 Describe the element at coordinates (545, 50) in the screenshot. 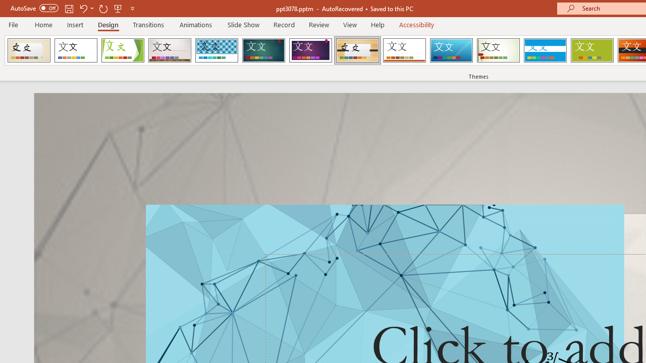

I see `'Banded'` at that location.